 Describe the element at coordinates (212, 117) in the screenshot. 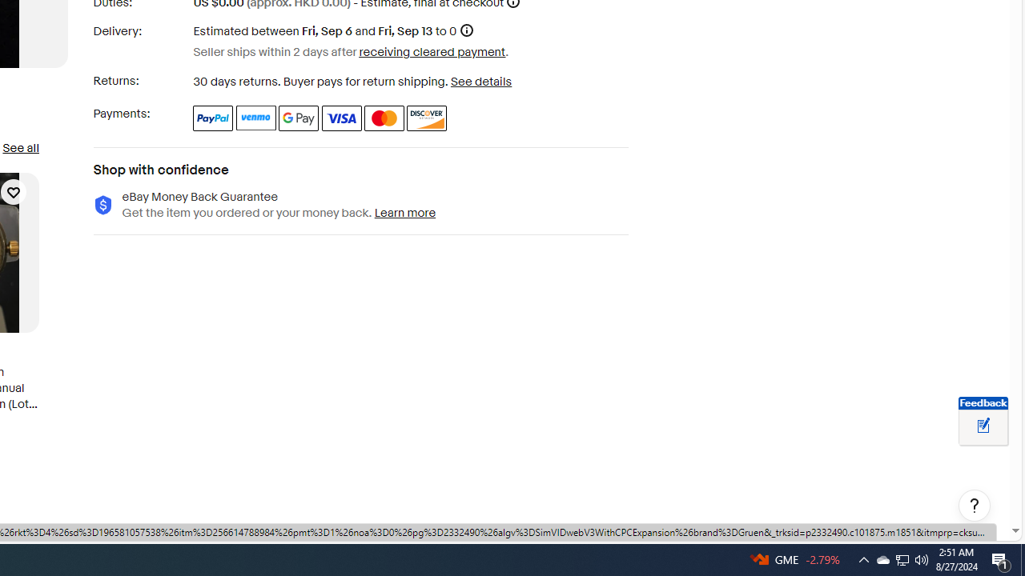

I see `'PayPal'` at that location.